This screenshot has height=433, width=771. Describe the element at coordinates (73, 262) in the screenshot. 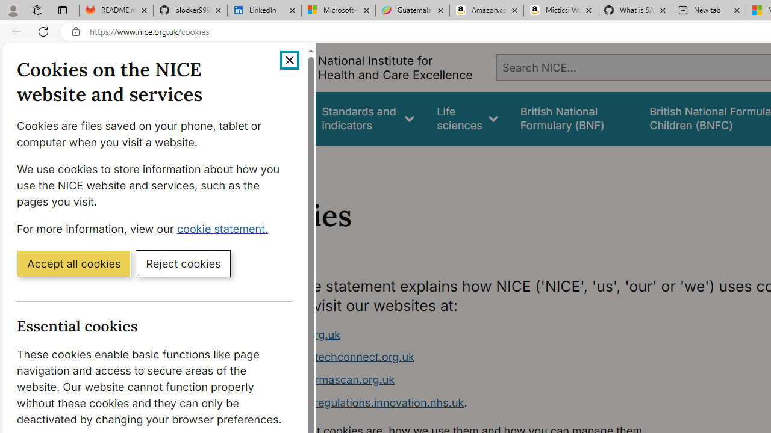

I see `'Accept all cookies'` at that location.